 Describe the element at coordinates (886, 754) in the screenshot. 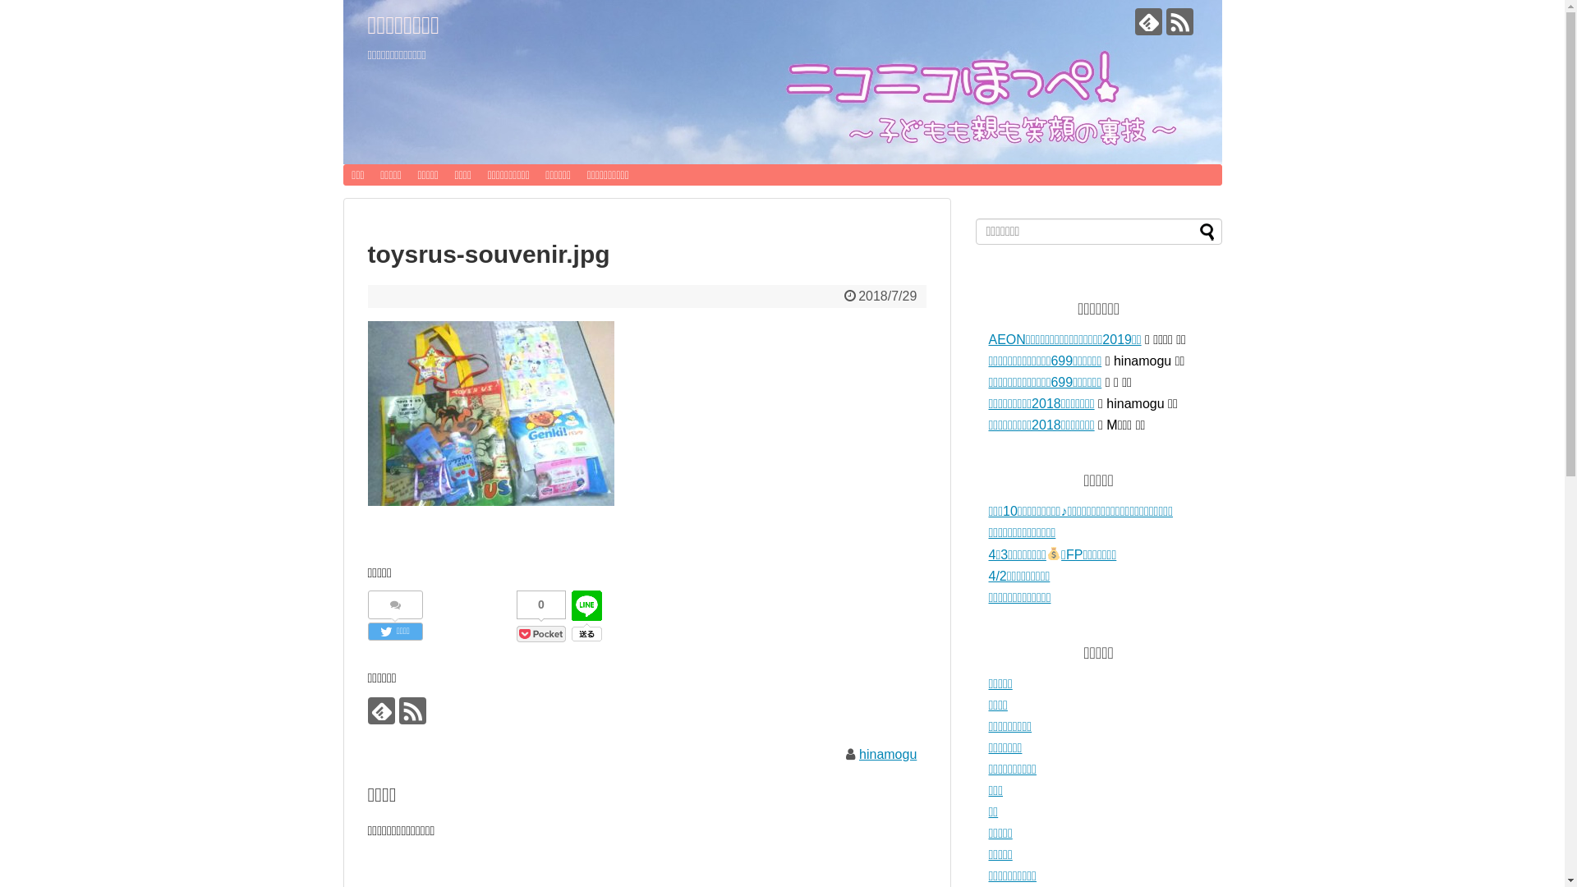

I see `'hinamogu'` at that location.